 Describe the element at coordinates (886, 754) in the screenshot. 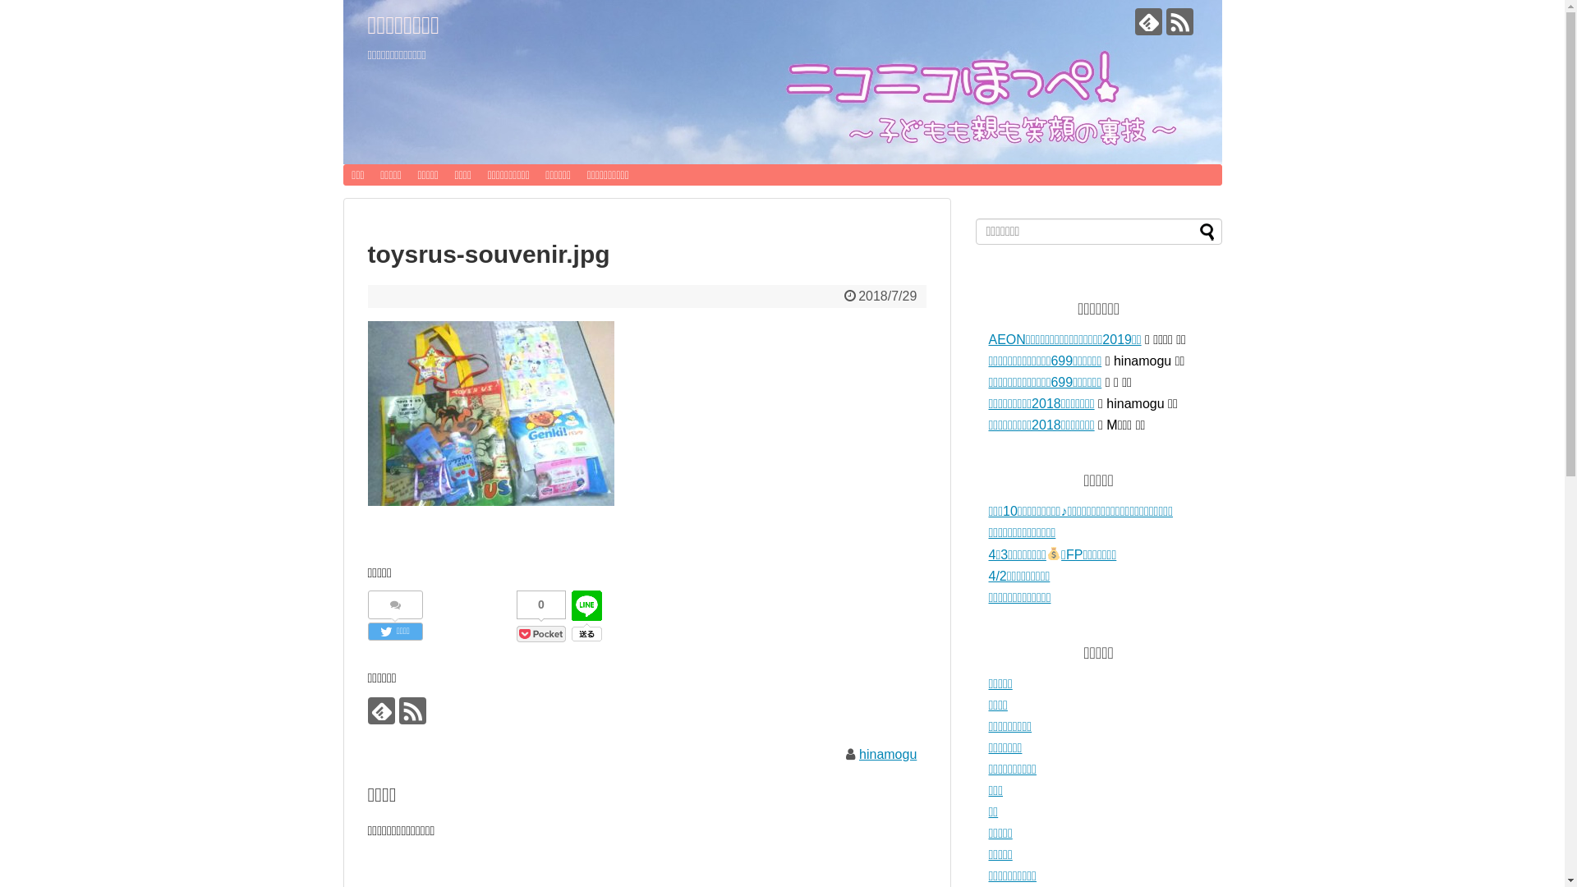

I see `'hinamogu'` at that location.